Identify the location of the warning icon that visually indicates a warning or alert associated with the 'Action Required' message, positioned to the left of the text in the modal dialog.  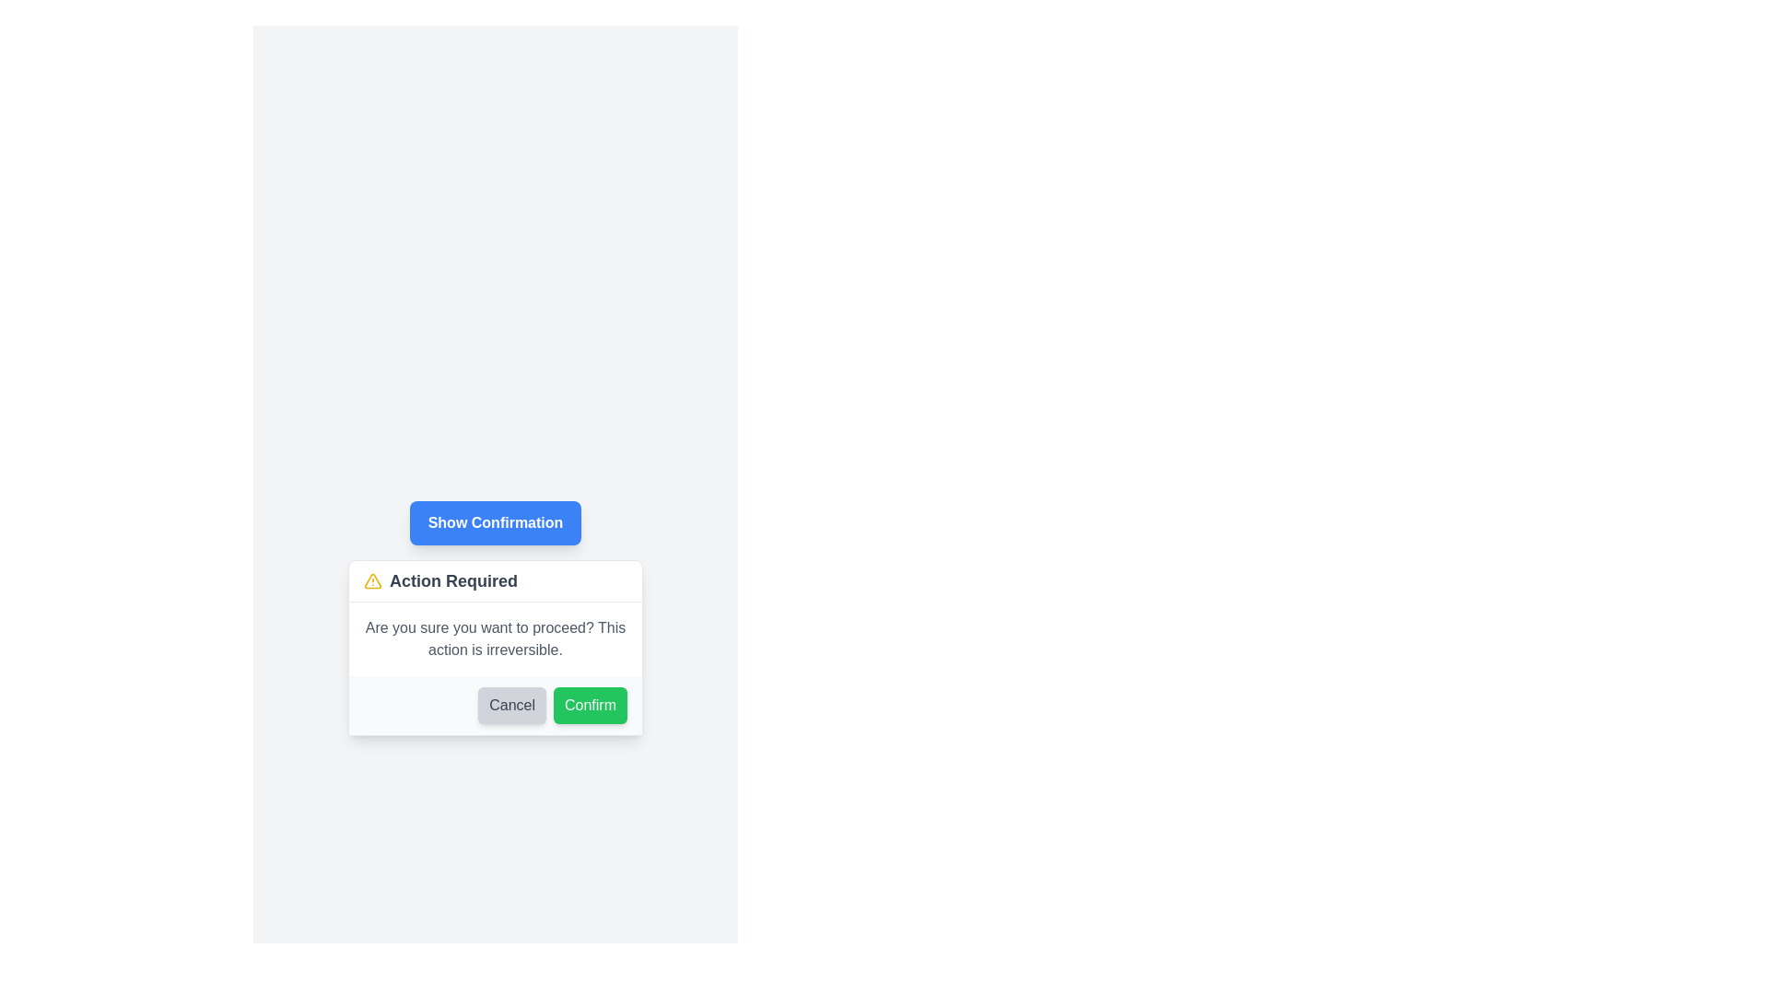
(371, 581).